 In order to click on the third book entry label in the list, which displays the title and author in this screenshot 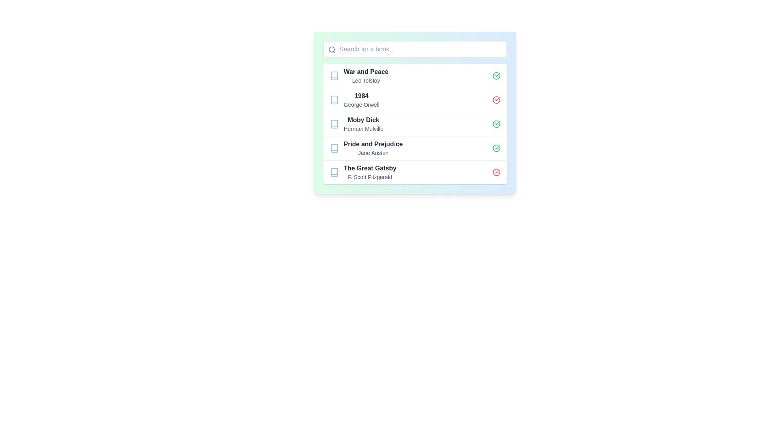, I will do `click(373, 148)`.